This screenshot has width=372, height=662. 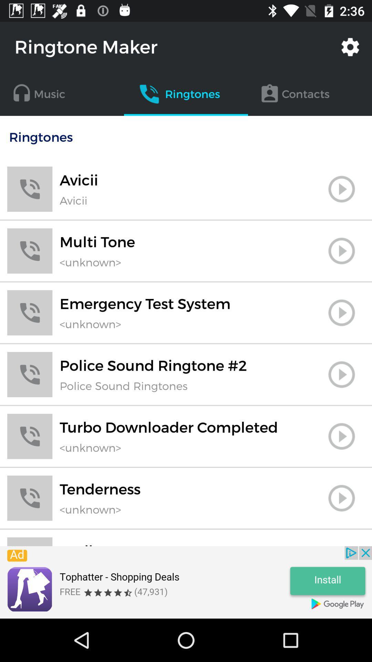 What do you see at coordinates (341, 544) in the screenshot?
I see `set ringtone option` at bounding box center [341, 544].